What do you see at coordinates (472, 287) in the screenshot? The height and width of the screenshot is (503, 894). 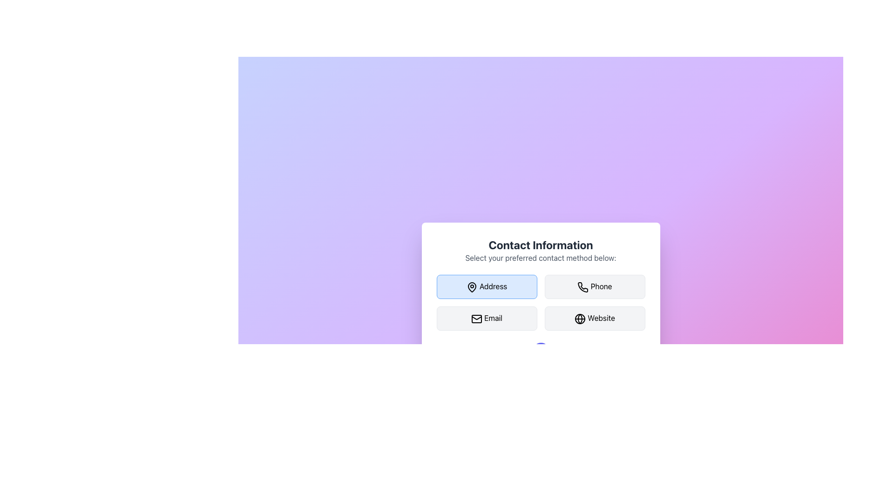 I see `the map pin icon located near the top-left corner of the Address button in the contact method selection area` at bounding box center [472, 287].